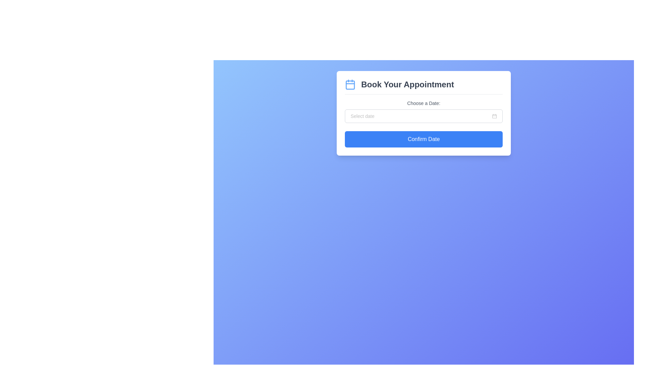  Describe the element at coordinates (495, 116) in the screenshot. I see `the small, square calendar icon located at the far right of the date selection input field` at that location.